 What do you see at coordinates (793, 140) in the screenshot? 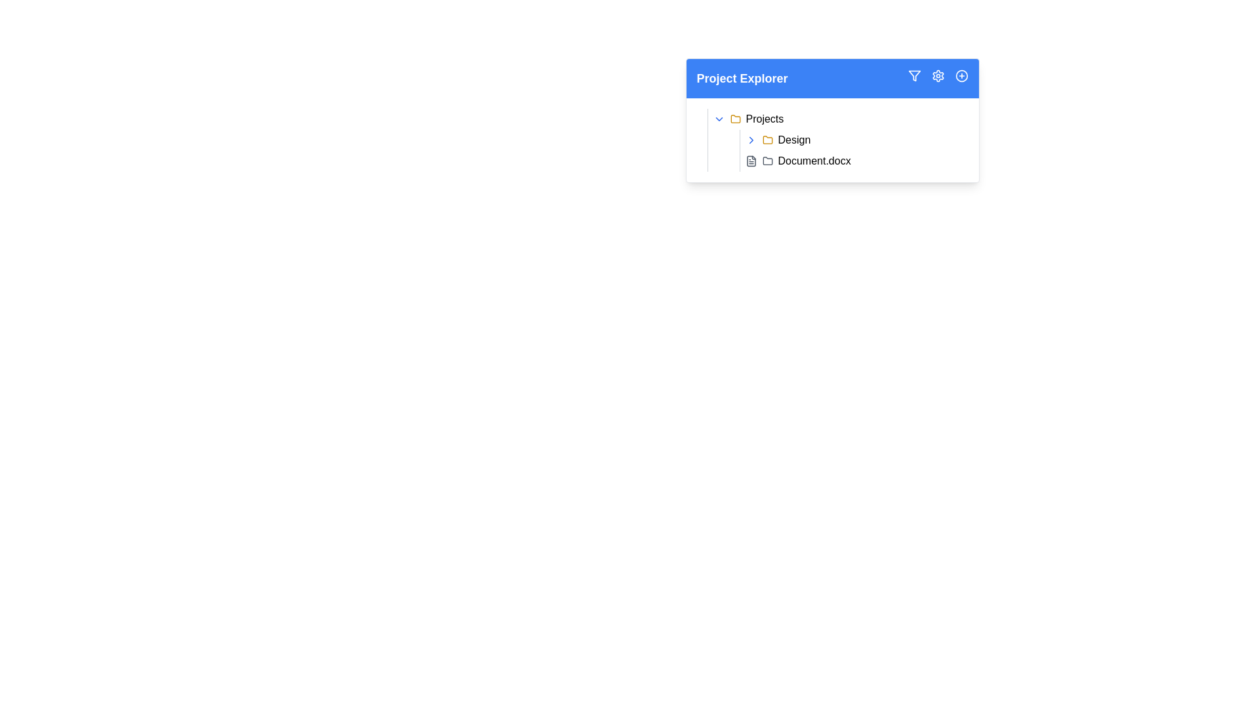
I see `the 'Design' text label in the 'Project Explorer' panel` at bounding box center [793, 140].